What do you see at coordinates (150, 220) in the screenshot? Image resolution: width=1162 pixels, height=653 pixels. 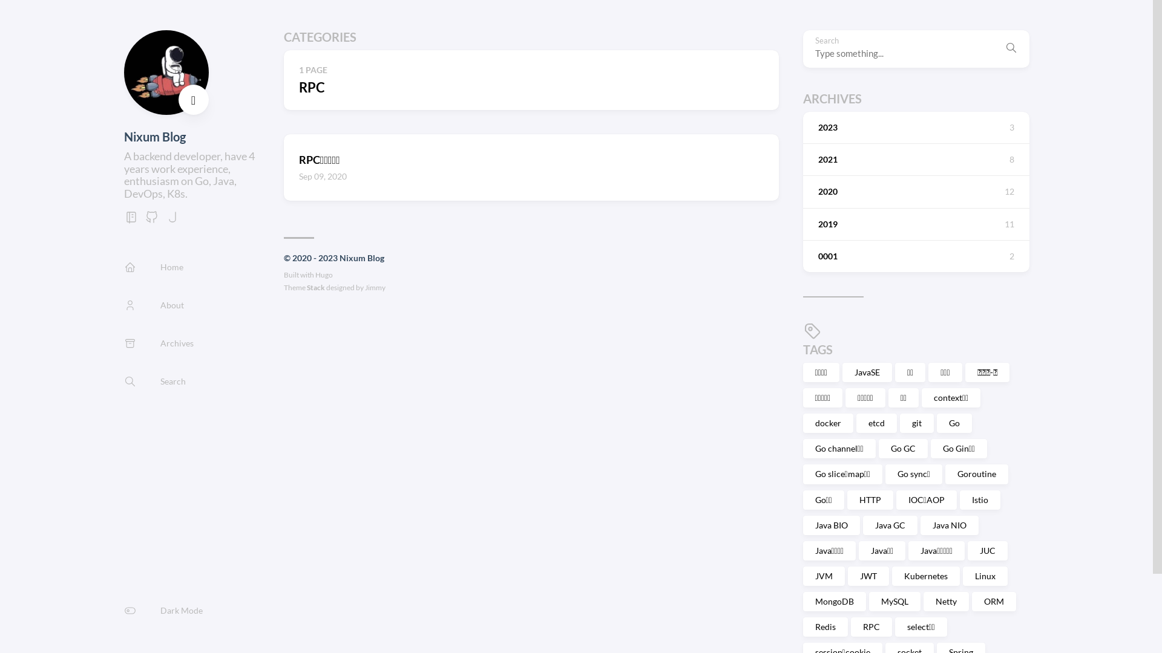 I see `'GitHub'` at bounding box center [150, 220].